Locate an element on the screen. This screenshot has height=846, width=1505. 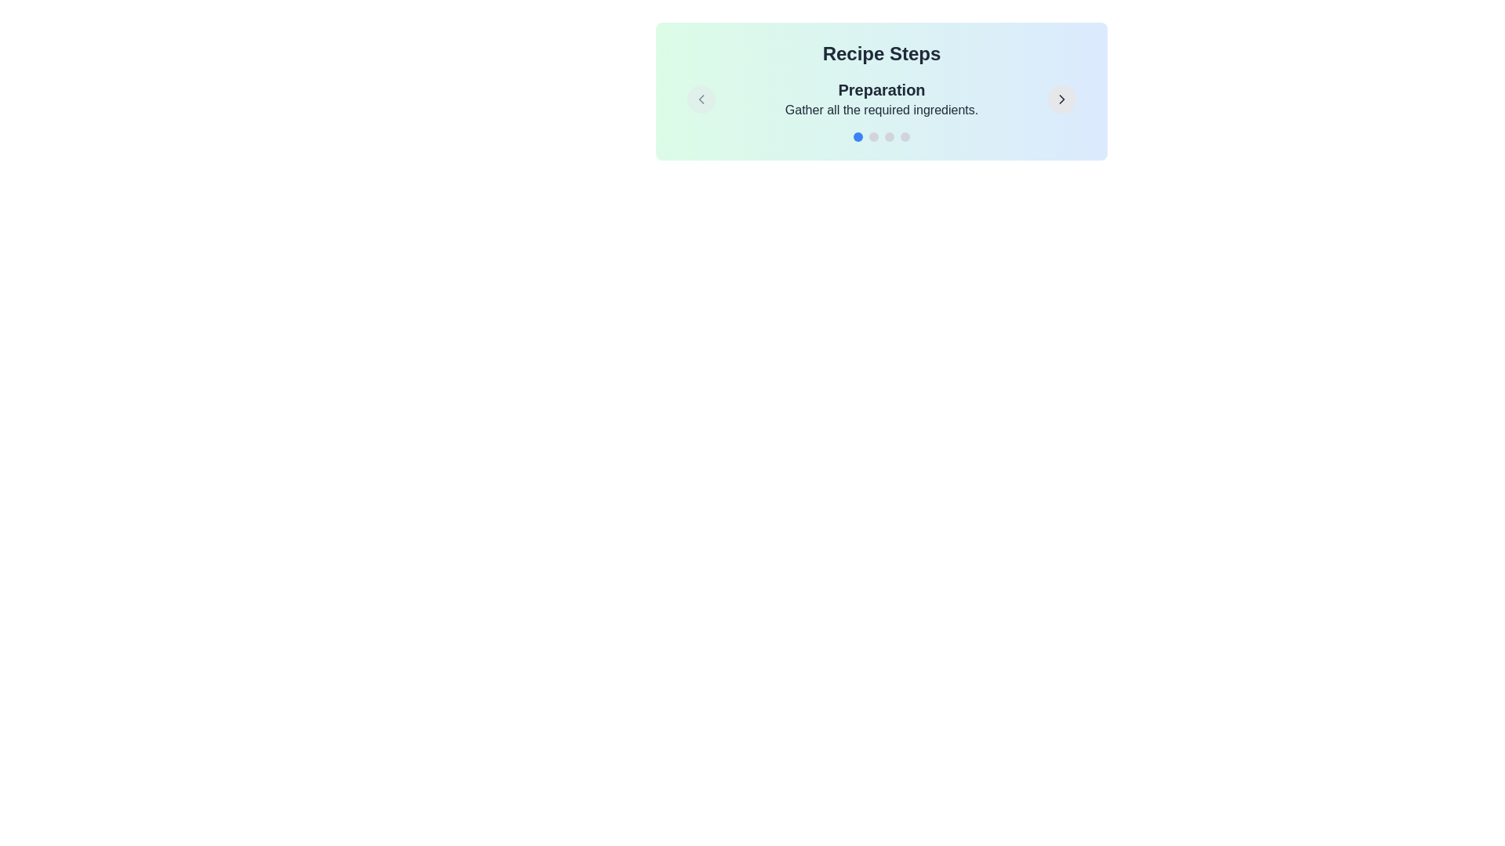
the navigation icon within the circular button on the left side of the 'Recipe Steps' panel is located at coordinates (700, 99).